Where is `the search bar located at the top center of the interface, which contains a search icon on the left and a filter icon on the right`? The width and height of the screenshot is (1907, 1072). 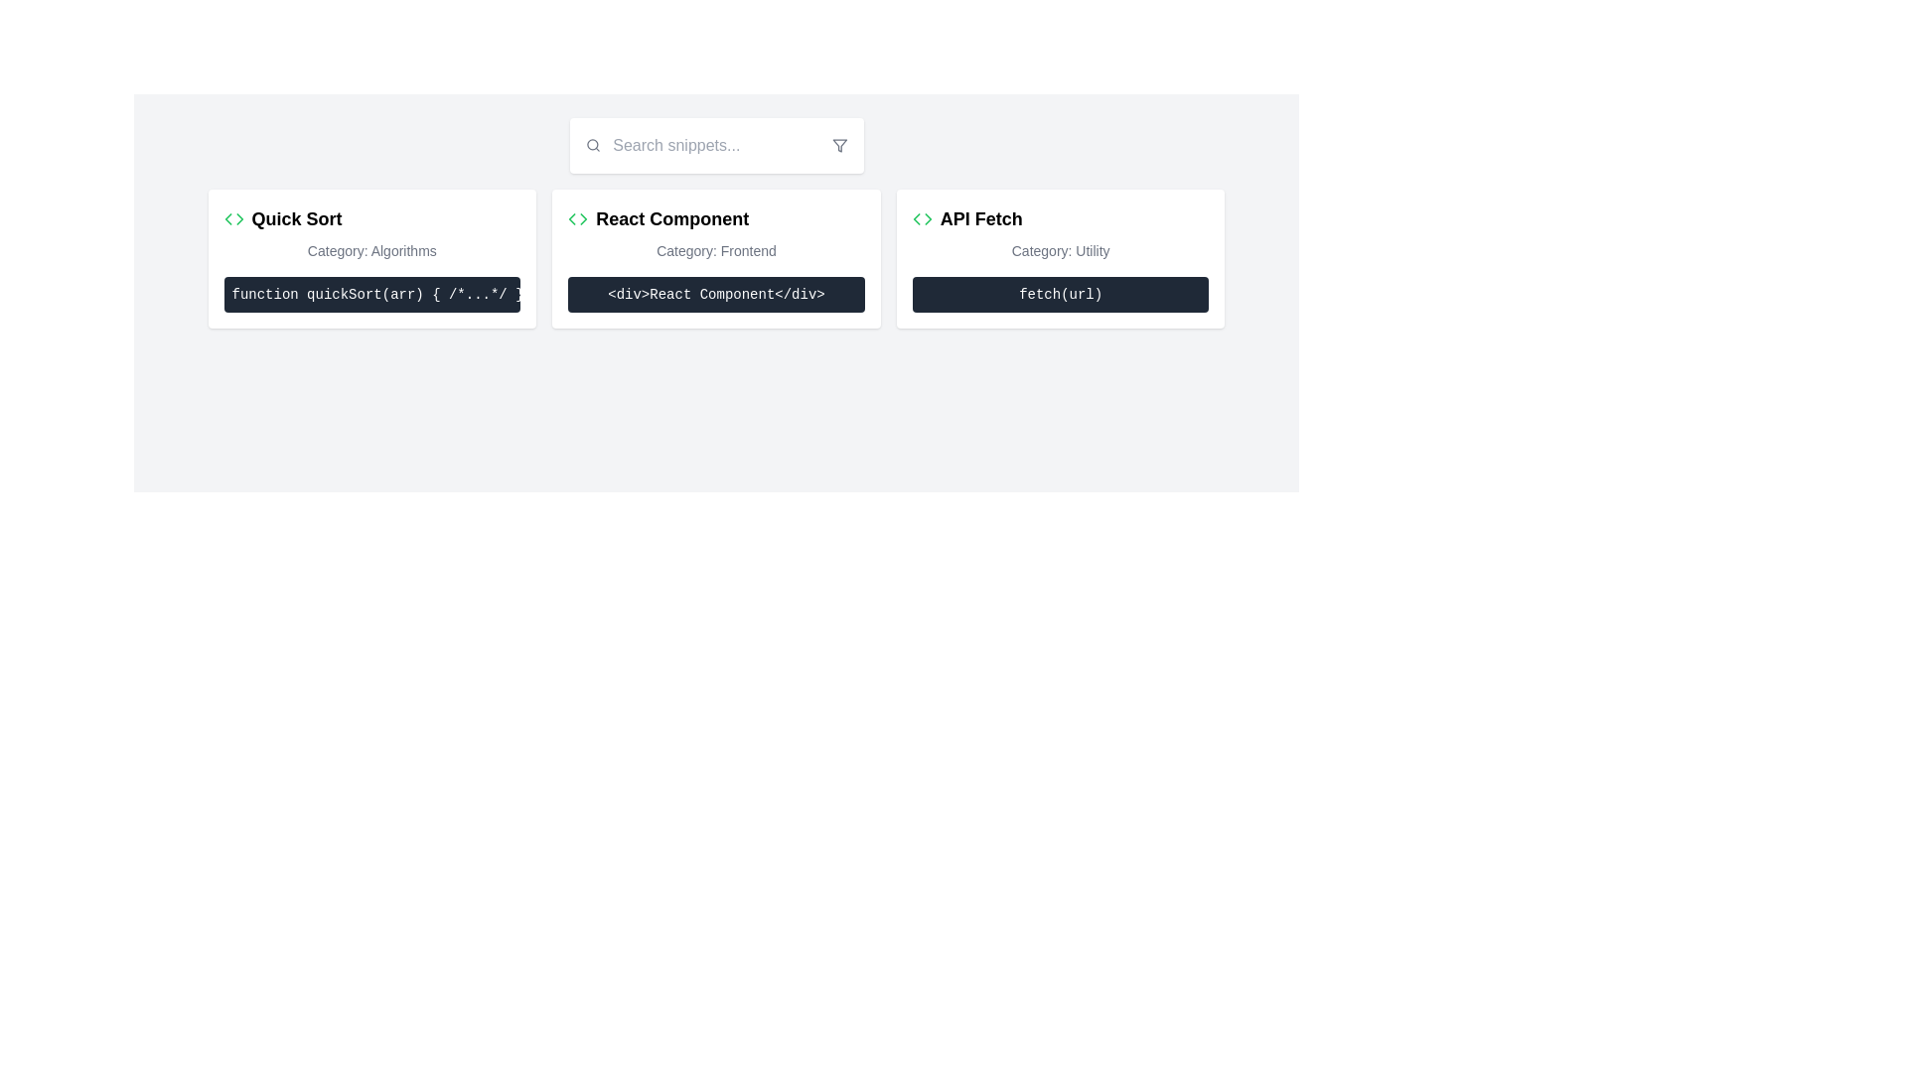
the search bar located at the top center of the interface, which contains a search icon on the left and a filter icon on the right is located at coordinates (715, 144).